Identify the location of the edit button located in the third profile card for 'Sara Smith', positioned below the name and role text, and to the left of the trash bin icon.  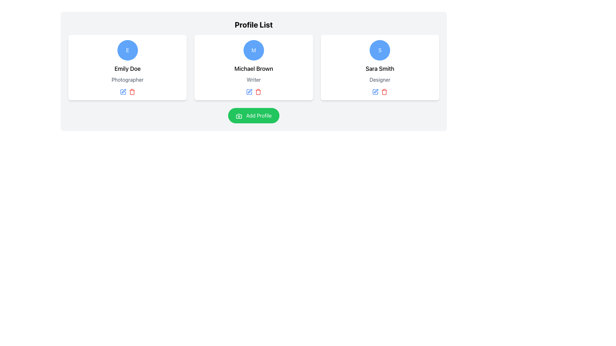
(376, 91).